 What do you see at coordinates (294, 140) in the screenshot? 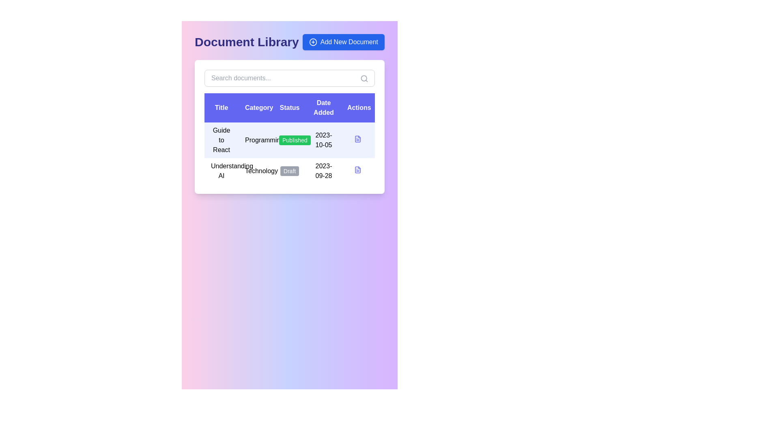
I see `the 'Published' indicator label with a green background and white rounded borders located in the 'Status' column of the first row in the 'Document Library' section` at bounding box center [294, 140].